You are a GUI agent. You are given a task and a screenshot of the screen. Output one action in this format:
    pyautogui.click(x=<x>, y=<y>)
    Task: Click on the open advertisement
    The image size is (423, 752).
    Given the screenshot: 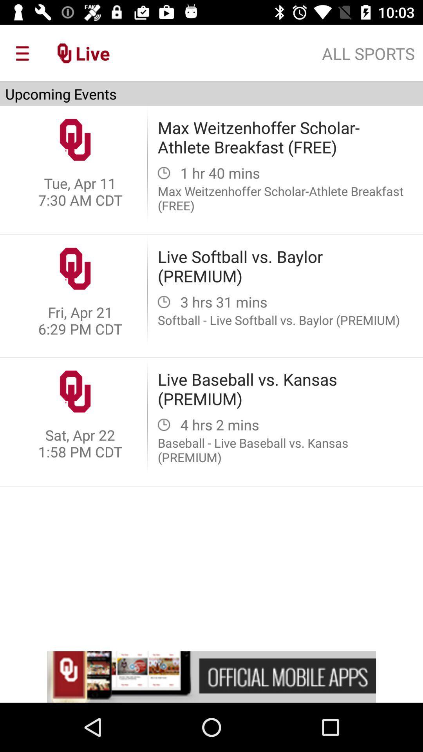 What is the action you would take?
    pyautogui.click(x=211, y=676)
    